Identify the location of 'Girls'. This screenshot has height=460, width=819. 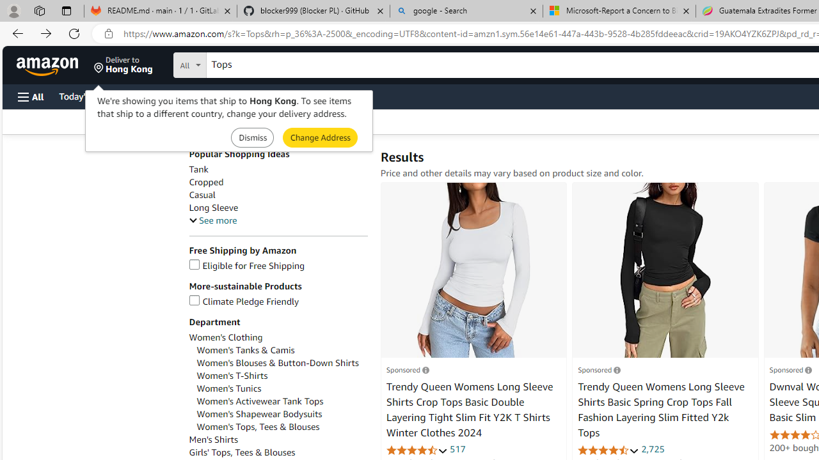
(242, 452).